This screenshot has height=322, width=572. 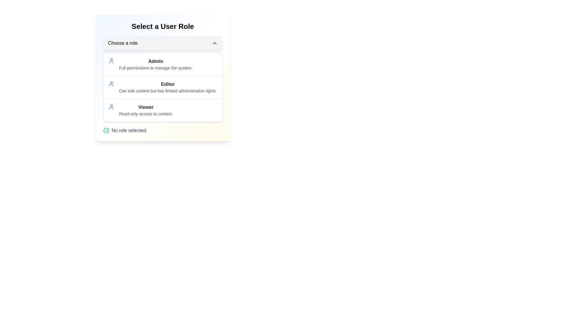 What do you see at coordinates (163, 87) in the screenshot?
I see `the List of selectable options for user roles located below the 'Choose a role' dropdown` at bounding box center [163, 87].